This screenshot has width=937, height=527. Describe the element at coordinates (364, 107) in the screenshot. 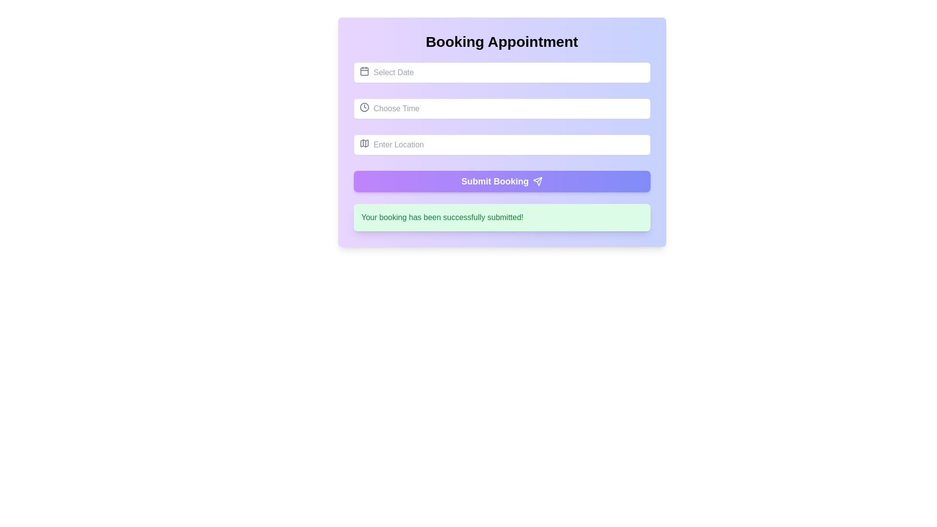

I see `the clock icon that is located to the left of the 'Choose Time' input section, which features a circular outline and two lines representing clock hands` at that location.